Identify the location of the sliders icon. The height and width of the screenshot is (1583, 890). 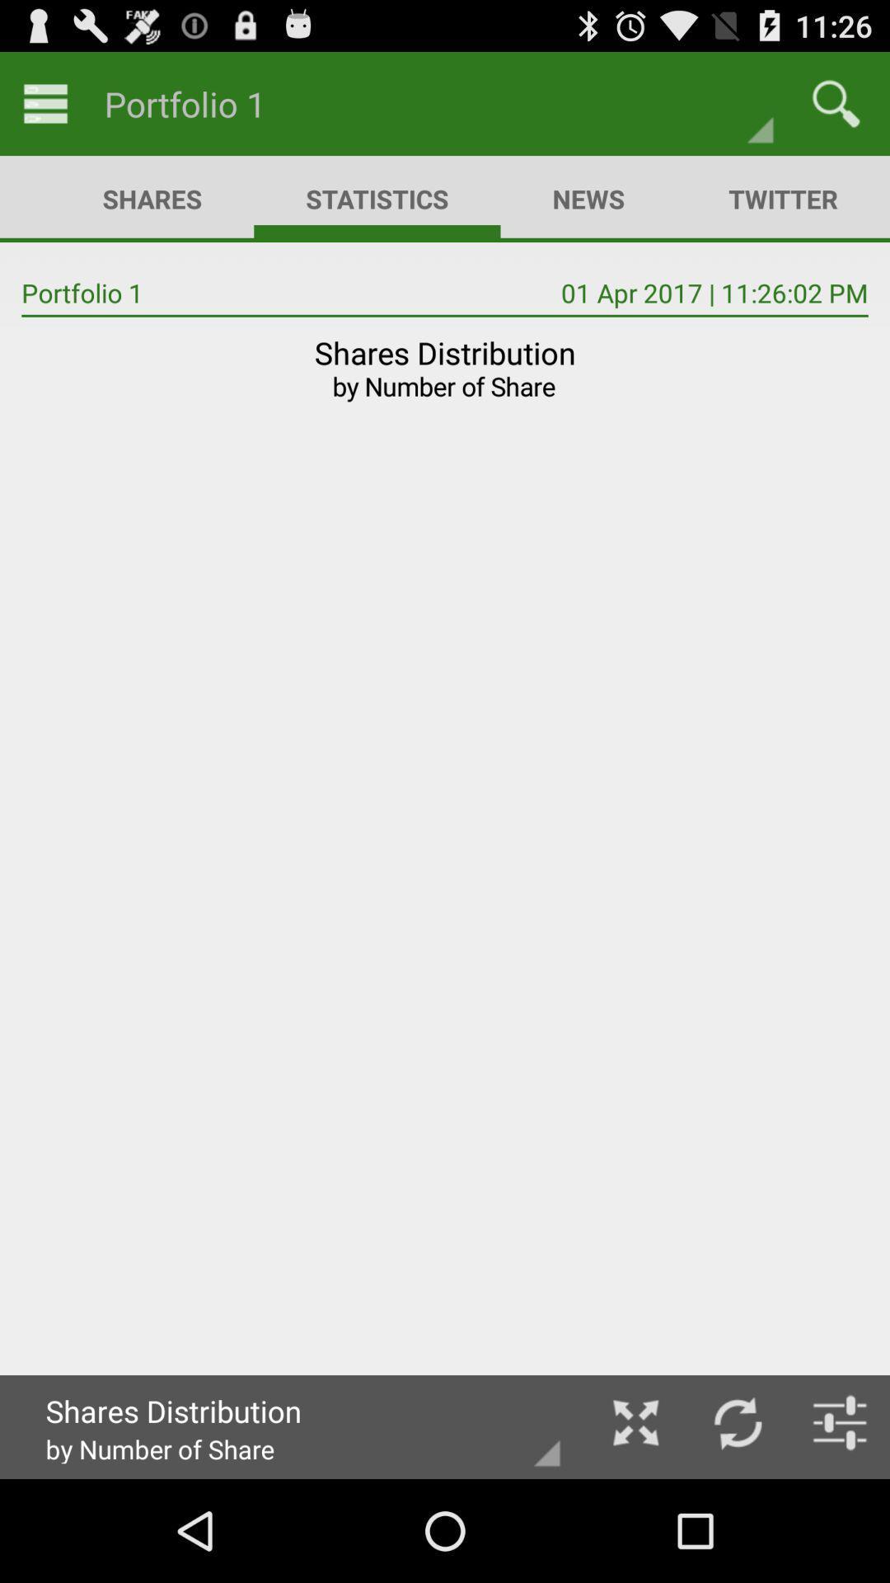
(840, 1522).